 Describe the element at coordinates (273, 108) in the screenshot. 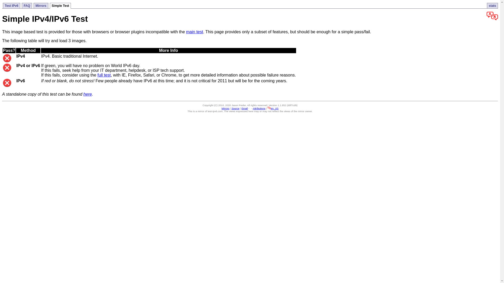

I see `'en_US'` at that location.